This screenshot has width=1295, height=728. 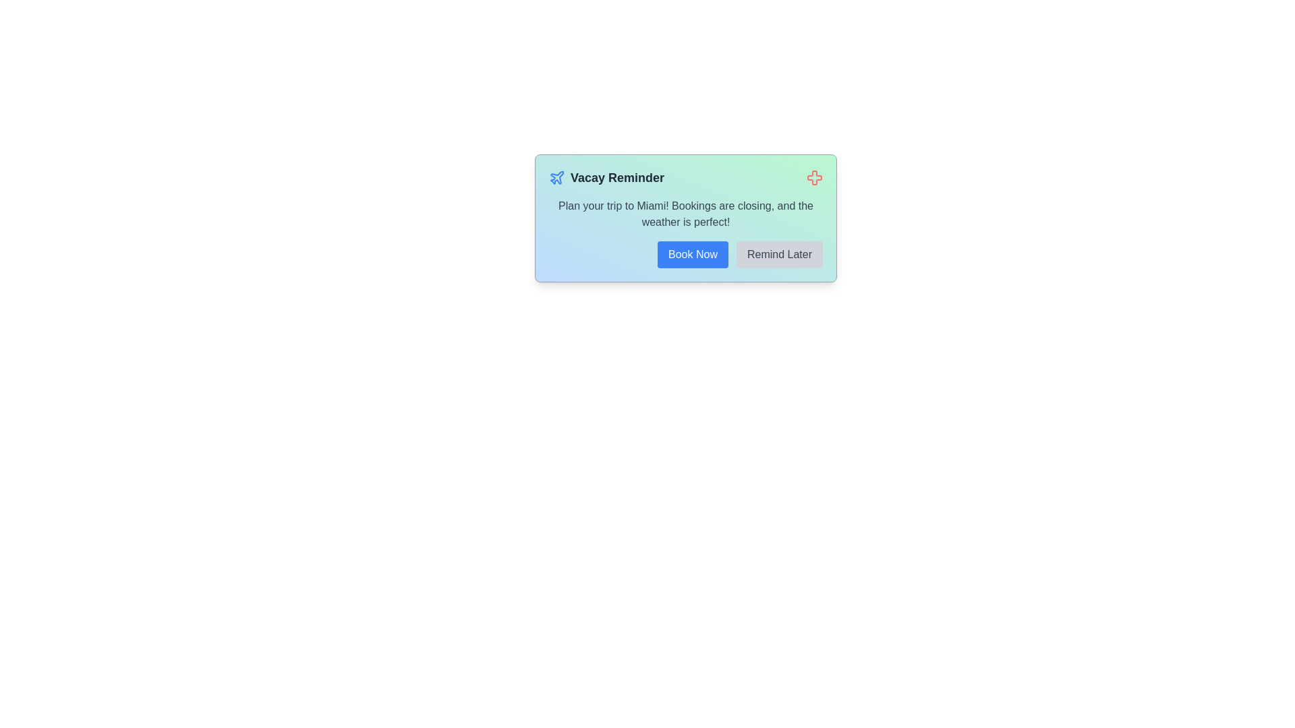 What do you see at coordinates (557, 177) in the screenshot?
I see `the icon representing a plane located at the top-right corner of the reminder card, near the header text 'Vacay Reminder.'` at bounding box center [557, 177].